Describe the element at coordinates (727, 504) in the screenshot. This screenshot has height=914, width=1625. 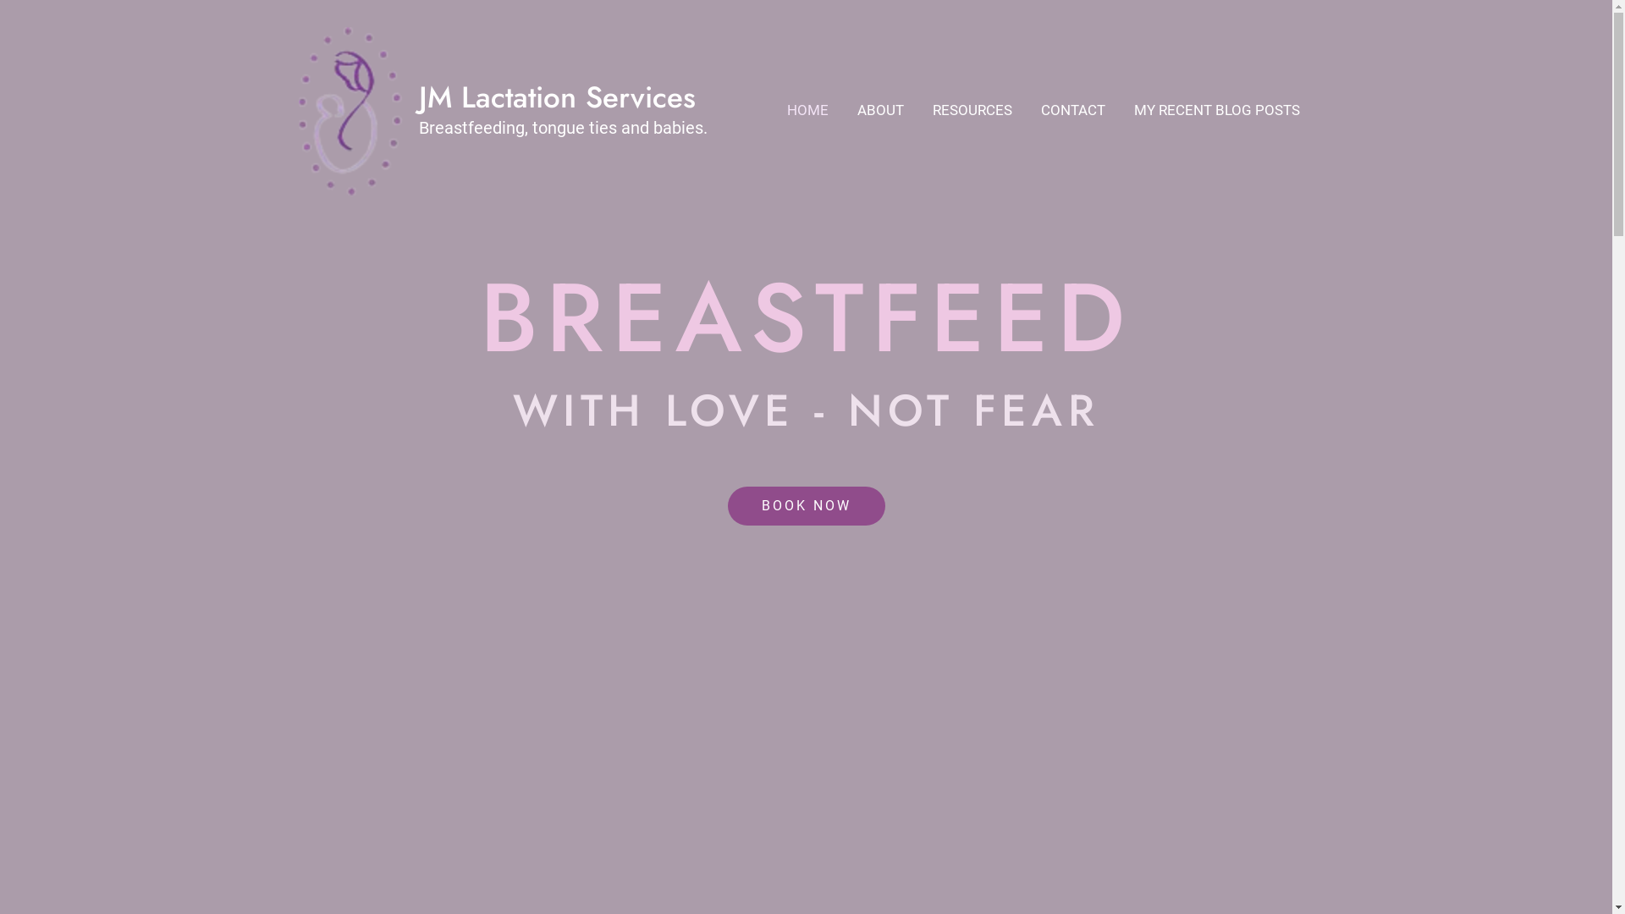
I see `'BOOK NOW'` at that location.